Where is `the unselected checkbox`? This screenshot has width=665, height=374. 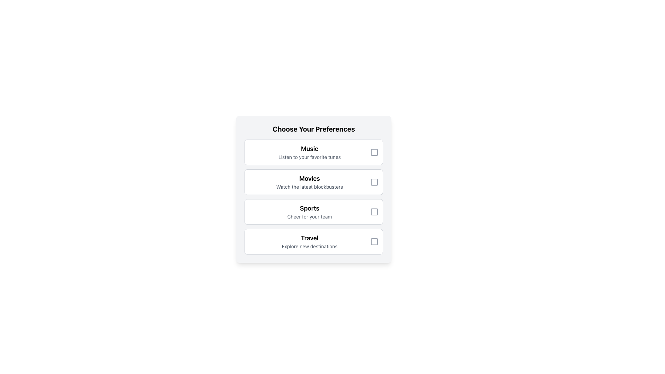
the unselected checkbox is located at coordinates (374, 241).